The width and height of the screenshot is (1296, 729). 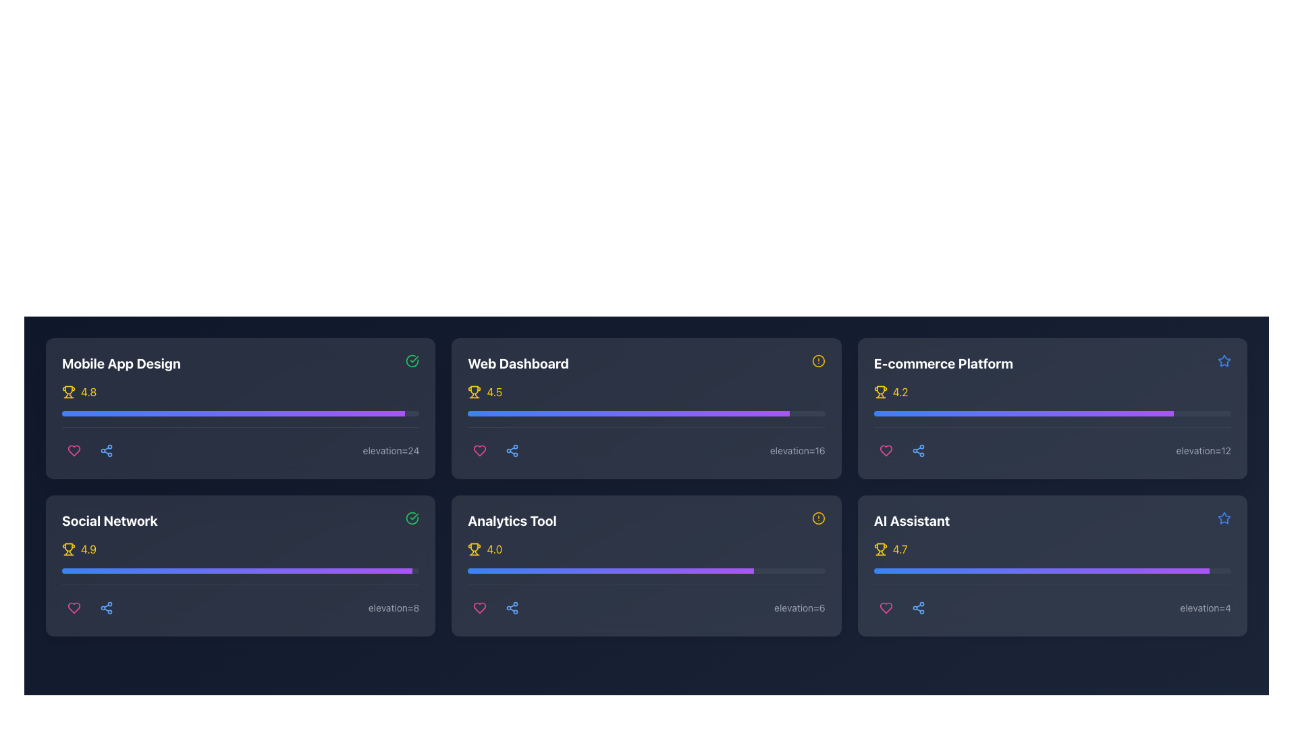 I want to click on the text label displaying 'elevation=12' located in the bottom-right corner of the card in the E-commerce Platform section, so click(x=1204, y=450).